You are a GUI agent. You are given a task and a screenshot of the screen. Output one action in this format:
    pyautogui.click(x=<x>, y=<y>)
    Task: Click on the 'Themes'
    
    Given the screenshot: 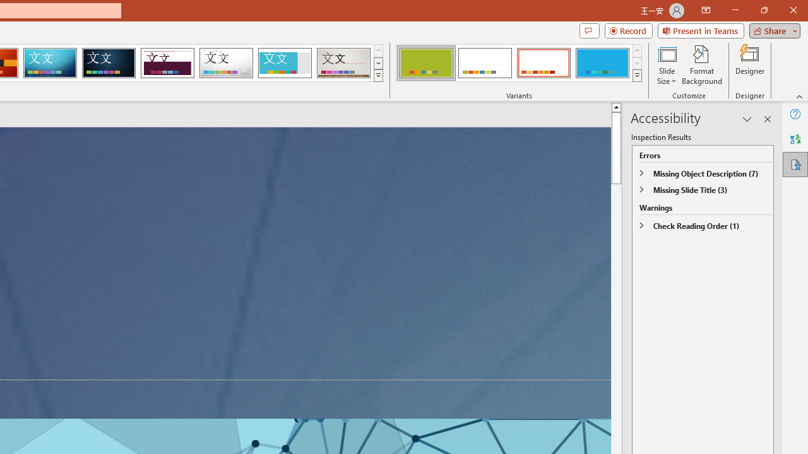 What is the action you would take?
    pyautogui.click(x=377, y=76)
    